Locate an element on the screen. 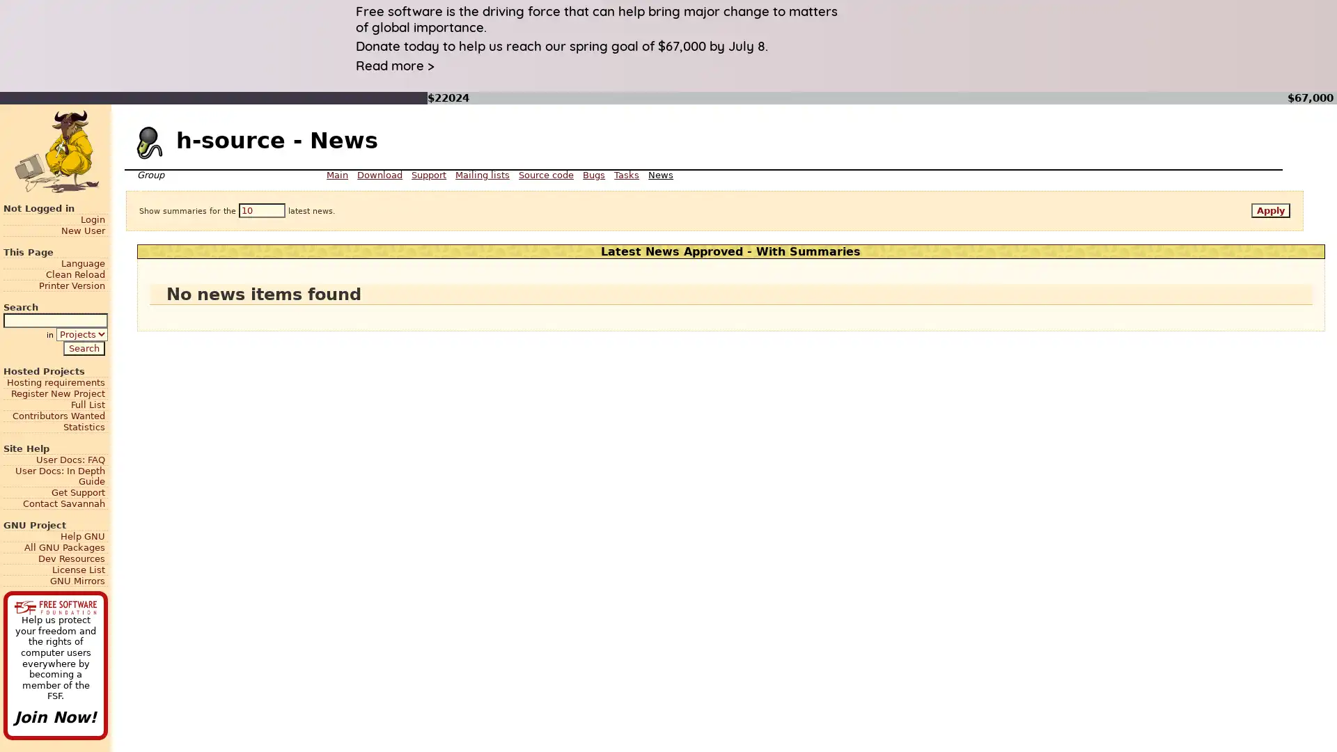  Search is located at coordinates (83, 347).